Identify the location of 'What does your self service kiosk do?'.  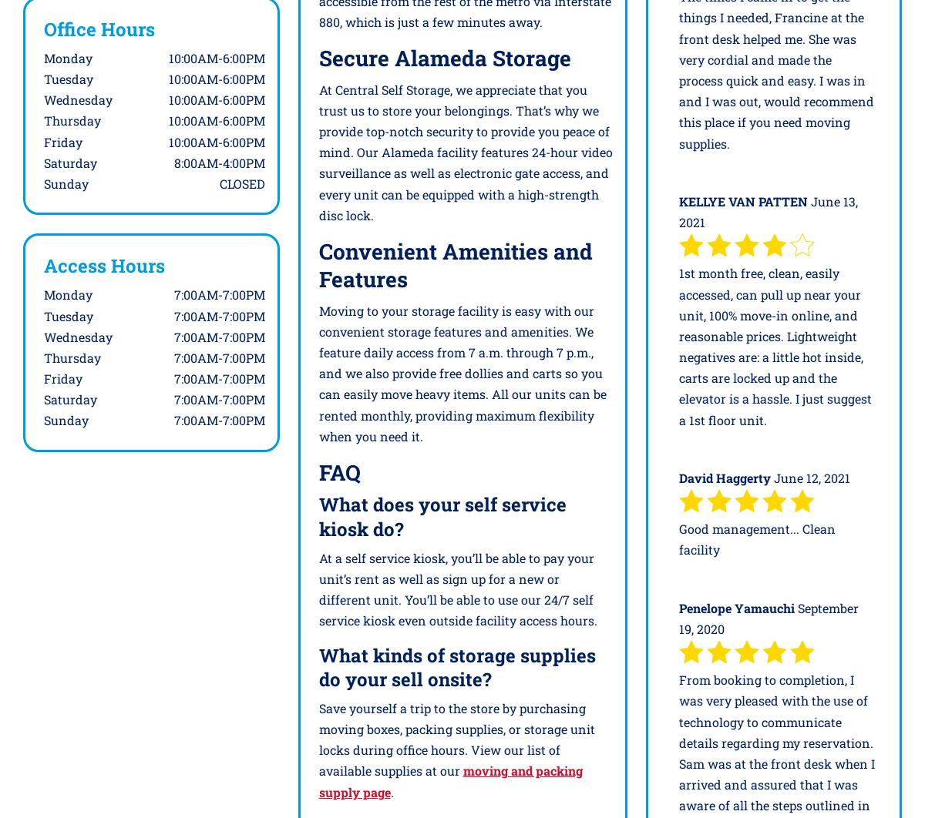
(441, 516).